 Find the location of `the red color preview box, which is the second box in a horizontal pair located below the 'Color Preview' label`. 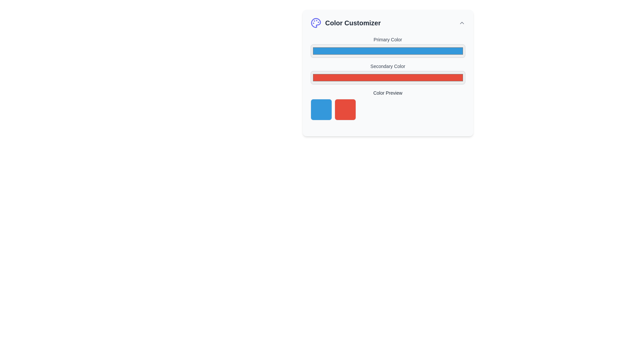

the red color preview box, which is the second box in a horizontal pair located below the 'Color Preview' label is located at coordinates (345, 109).